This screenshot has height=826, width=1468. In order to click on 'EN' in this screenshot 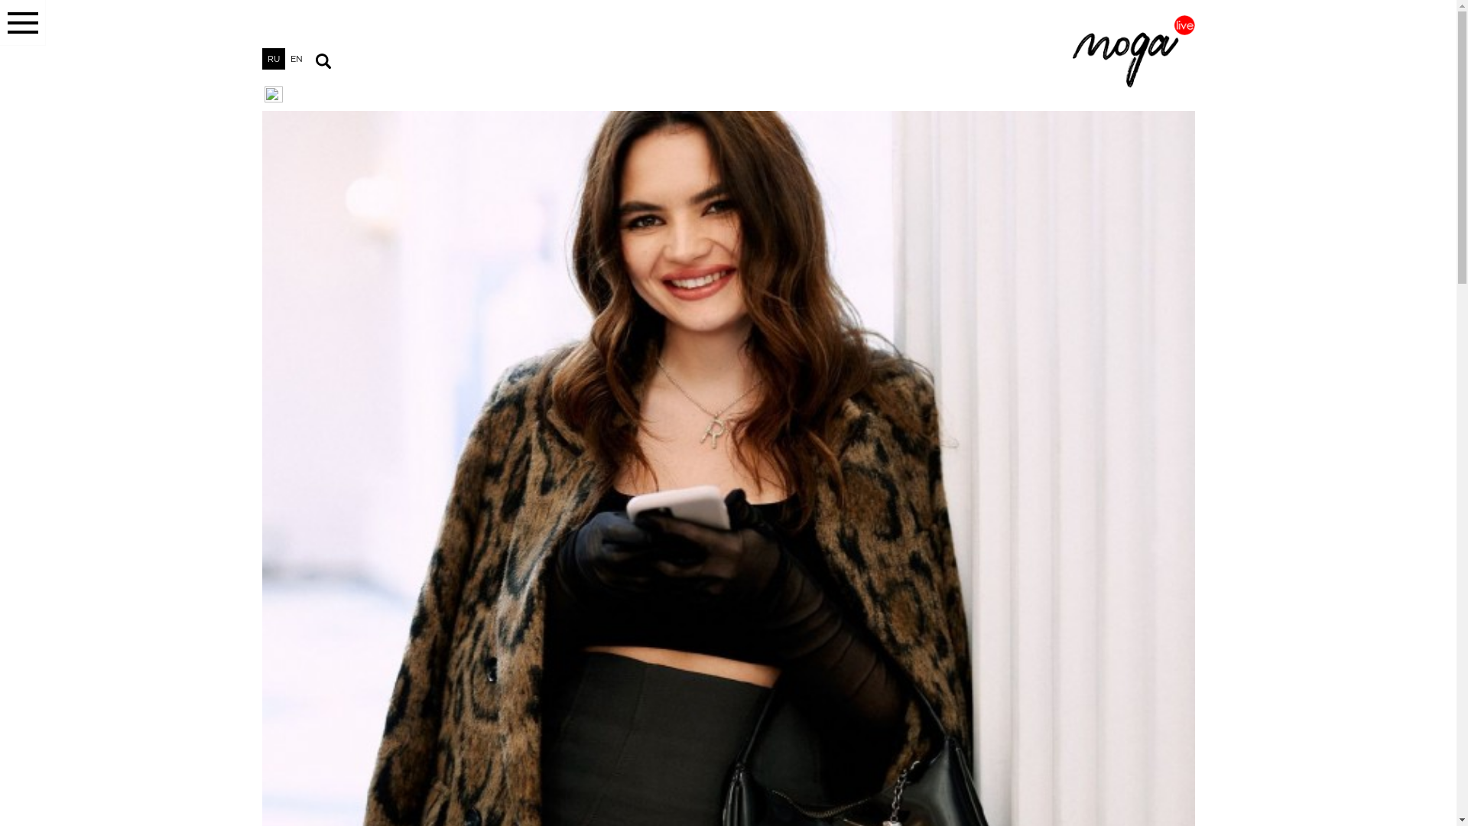, I will do `click(284, 57)`.